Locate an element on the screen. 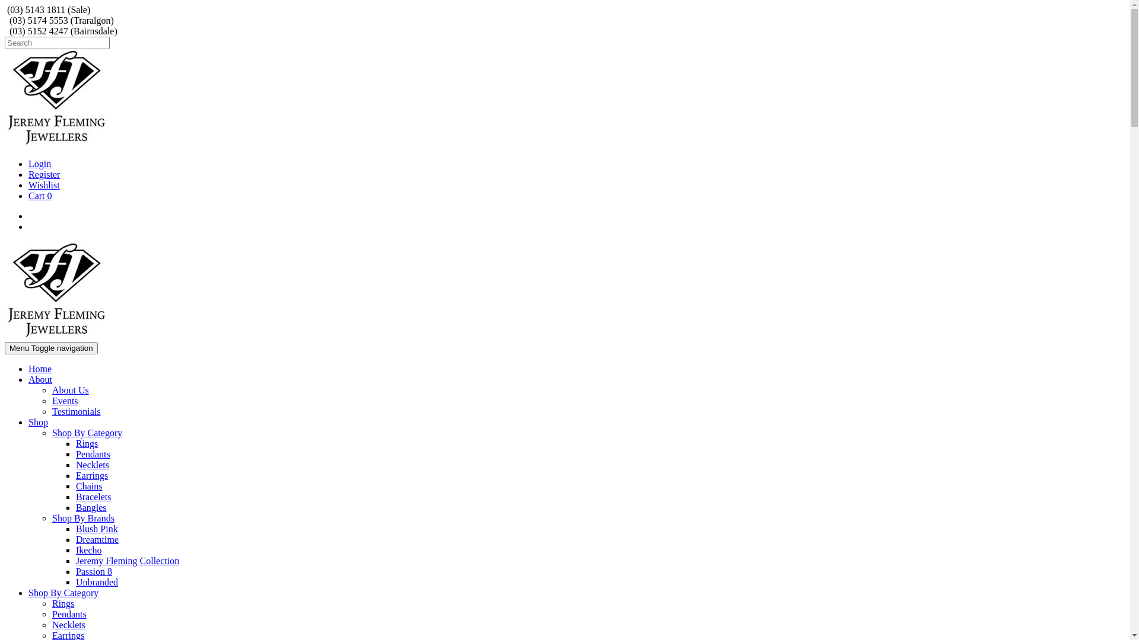  'Events' is located at coordinates (65, 400).